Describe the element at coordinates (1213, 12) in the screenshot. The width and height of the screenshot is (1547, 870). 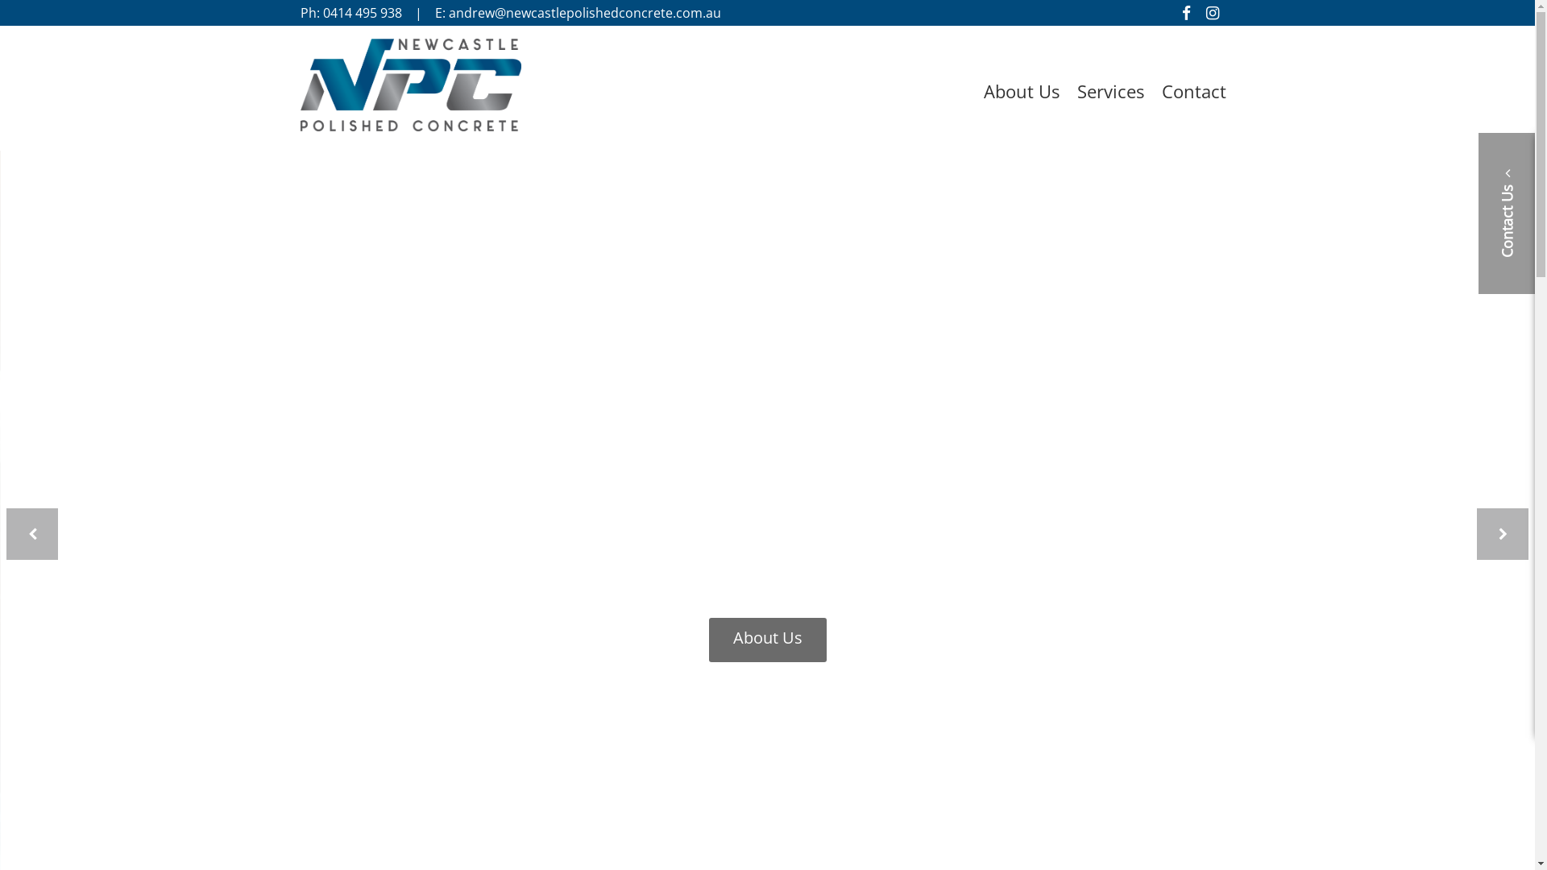
I see `'Follow us on Instagram'` at that location.